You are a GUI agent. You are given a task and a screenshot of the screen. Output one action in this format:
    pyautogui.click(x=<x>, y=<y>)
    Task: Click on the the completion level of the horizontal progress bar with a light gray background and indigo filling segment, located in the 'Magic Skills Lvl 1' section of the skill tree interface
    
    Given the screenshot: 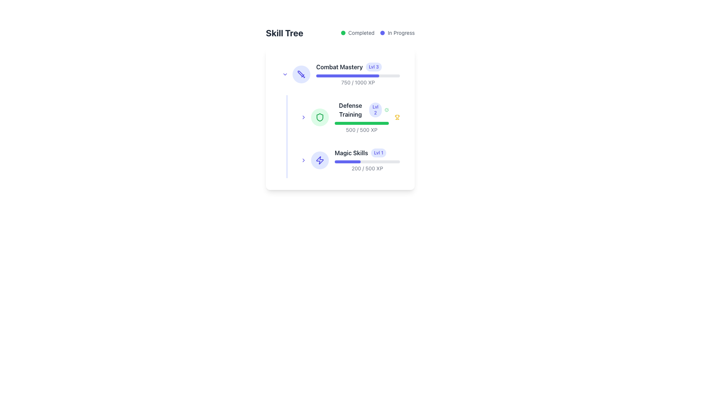 What is the action you would take?
    pyautogui.click(x=367, y=161)
    